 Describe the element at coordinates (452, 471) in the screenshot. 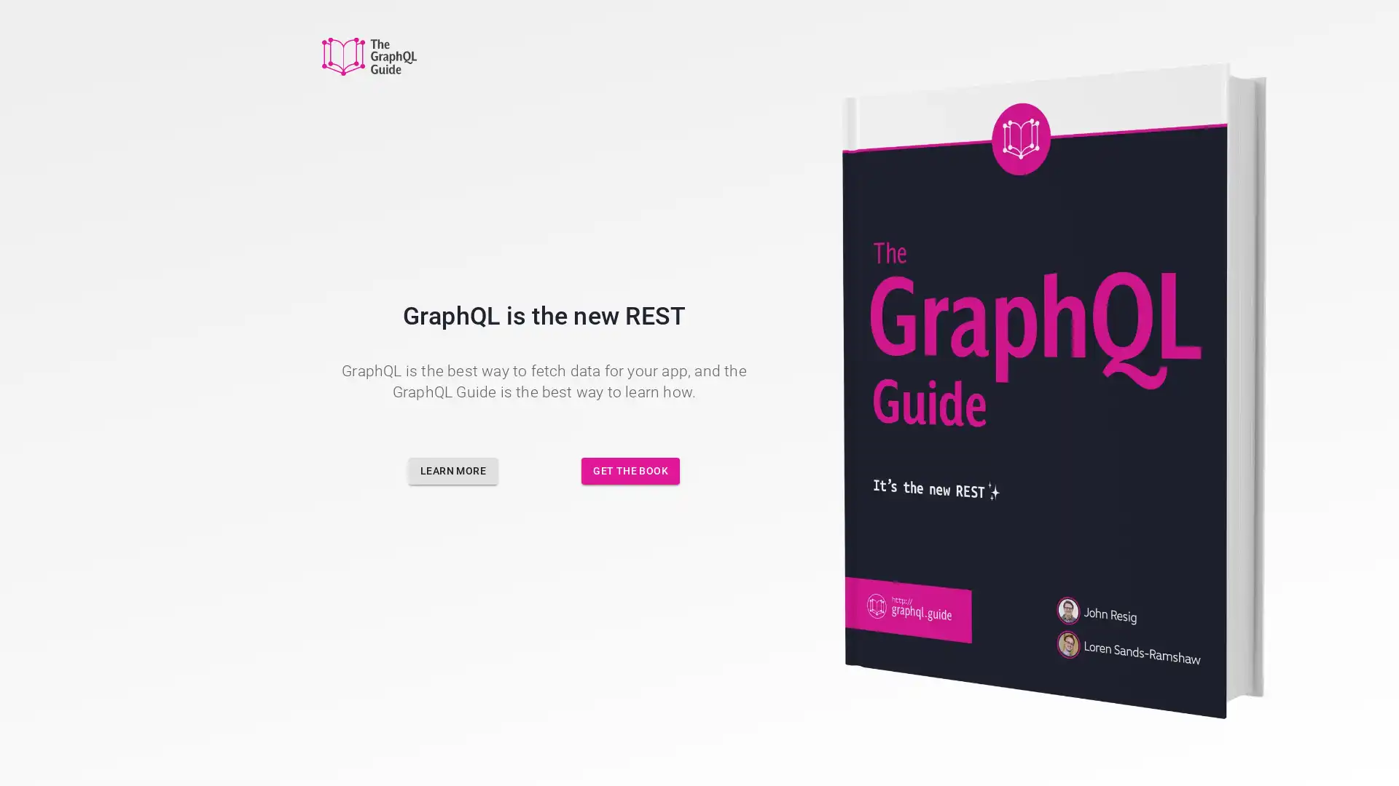

I see `LEARN MORE` at that location.